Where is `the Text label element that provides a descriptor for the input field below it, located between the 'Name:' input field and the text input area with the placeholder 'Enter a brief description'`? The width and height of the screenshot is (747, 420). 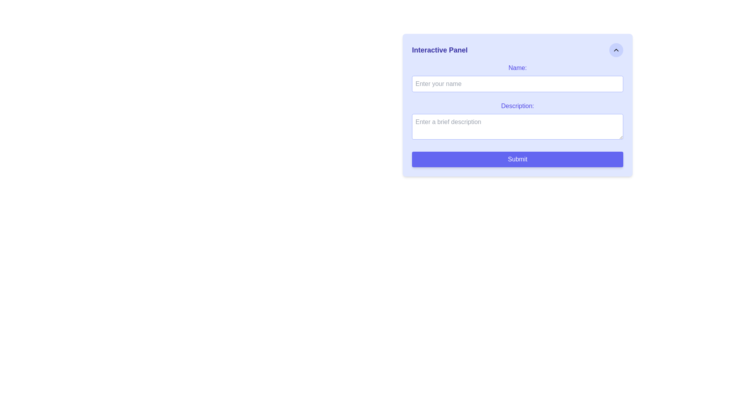
the Text label element that provides a descriptor for the input field below it, located between the 'Name:' input field and the text input area with the placeholder 'Enter a brief description' is located at coordinates (517, 106).